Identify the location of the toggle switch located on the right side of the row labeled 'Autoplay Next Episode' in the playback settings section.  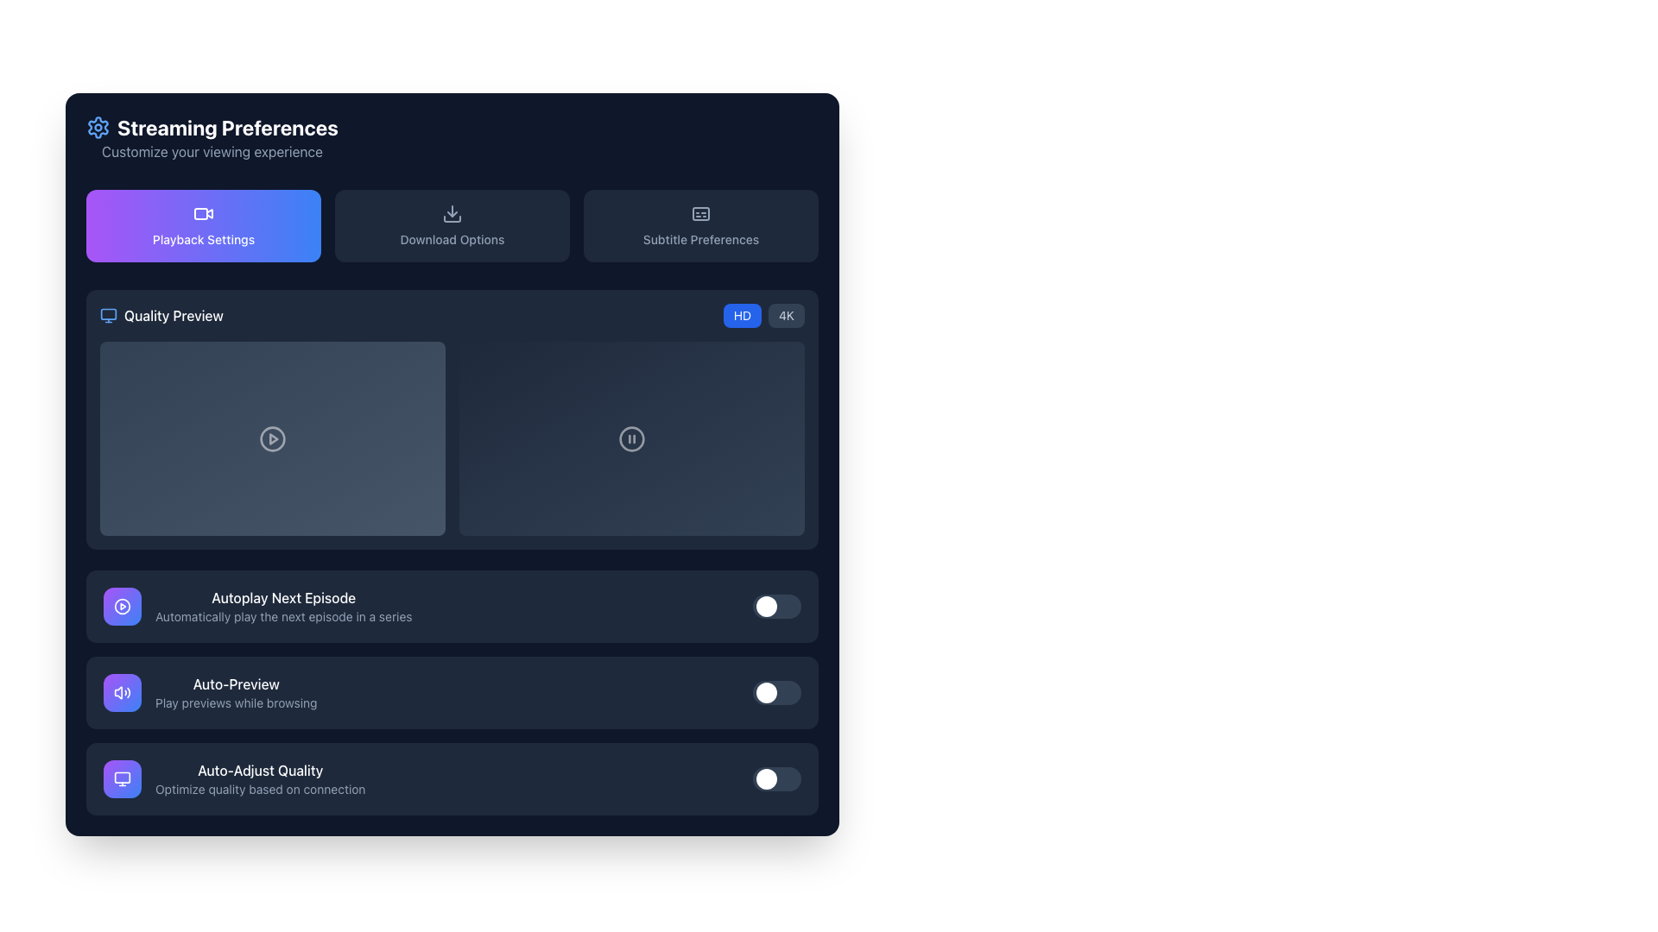
(776, 605).